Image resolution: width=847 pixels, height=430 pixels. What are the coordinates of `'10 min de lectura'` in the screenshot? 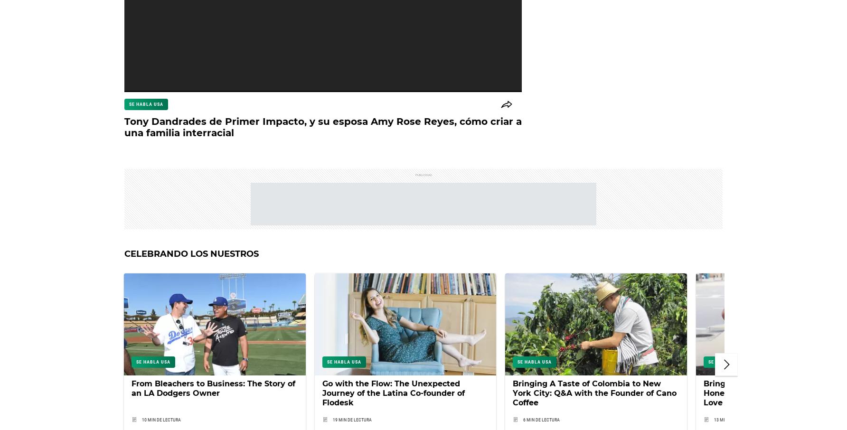 It's located at (161, 419).